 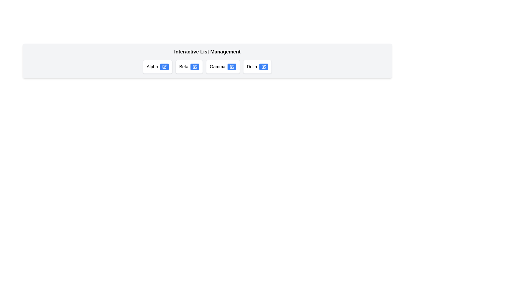 What do you see at coordinates (164, 66) in the screenshot?
I see `the small blue button with a white pencil icon located to the right of the 'Alpha' text label` at bounding box center [164, 66].